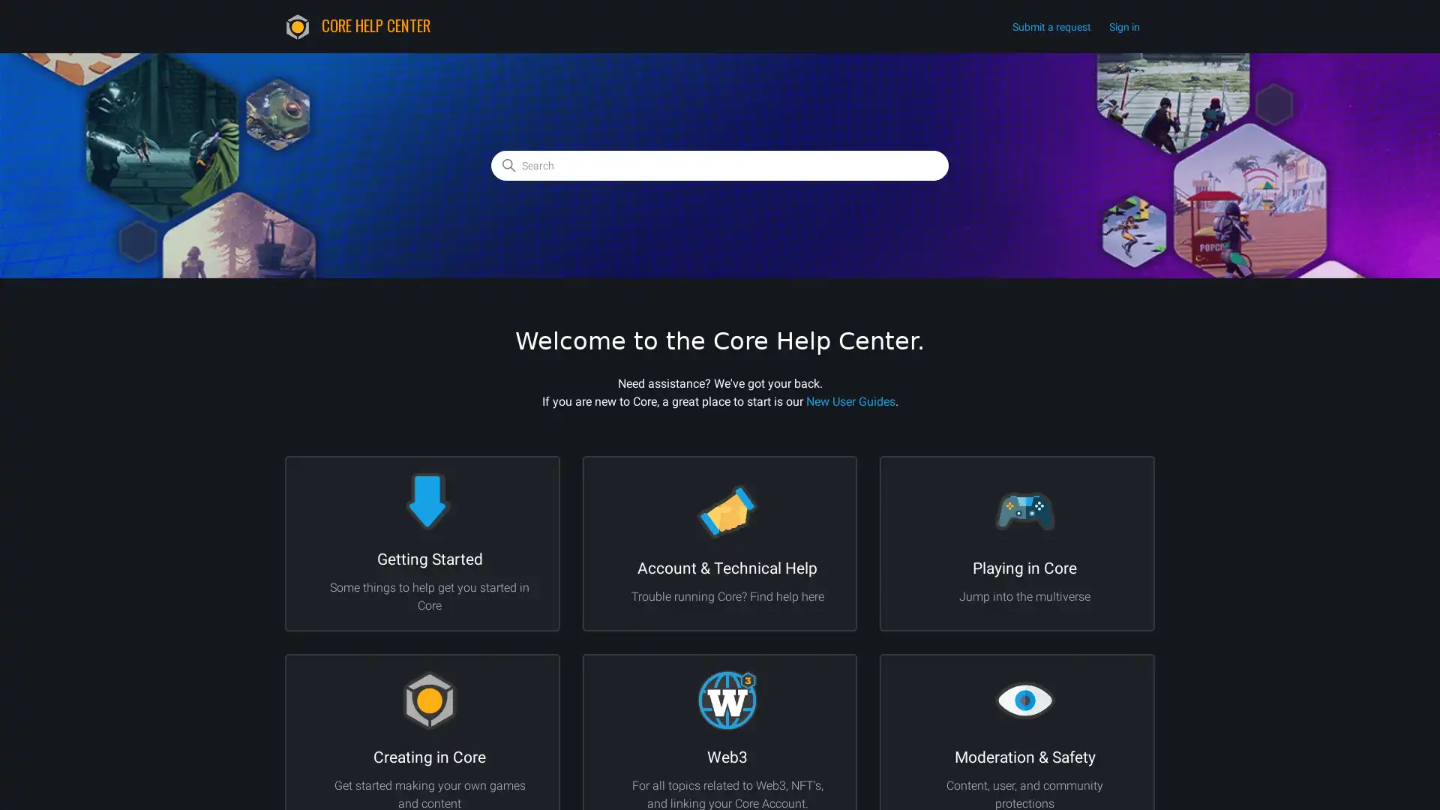 This screenshot has width=1440, height=810. What do you see at coordinates (1132, 26) in the screenshot?
I see `Sign in` at bounding box center [1132, 26].